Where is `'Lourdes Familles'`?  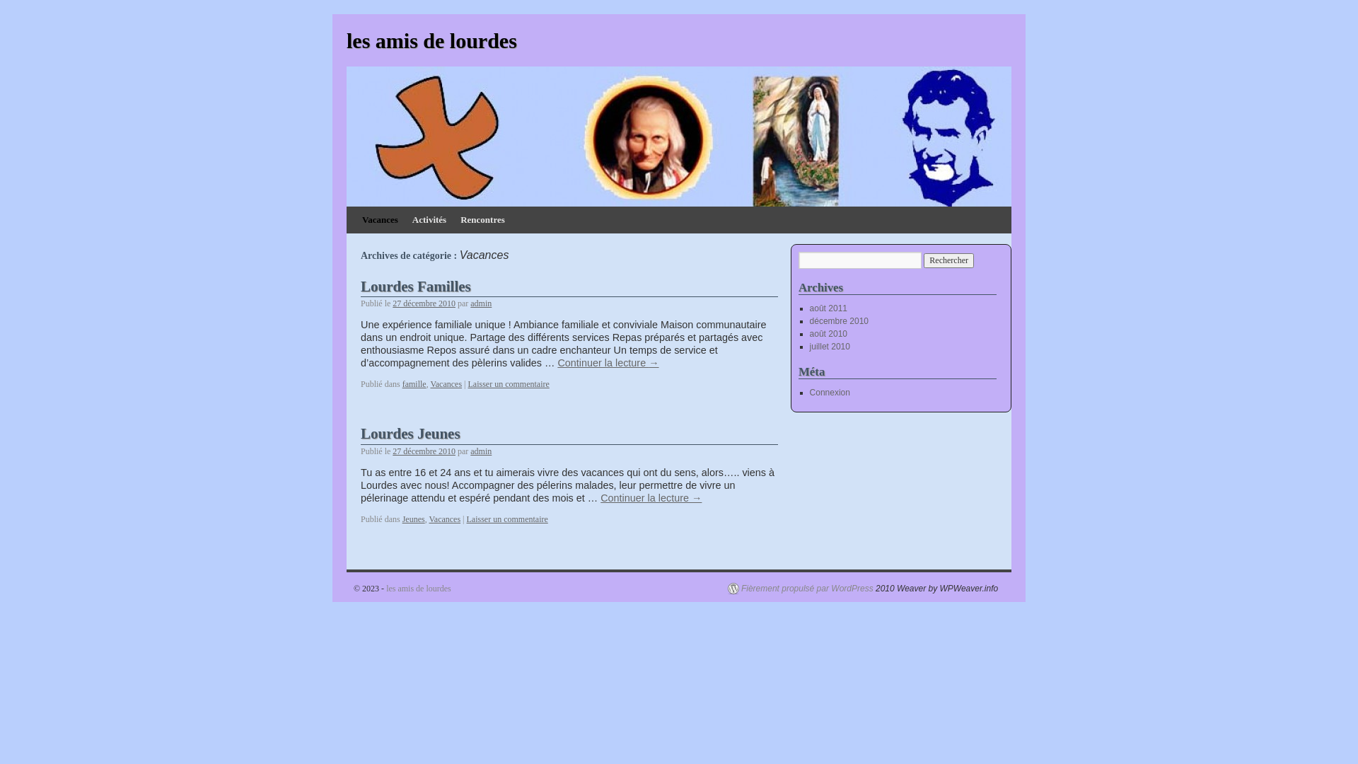
'Lourdes Familles' is located at coordinates (415, 286).